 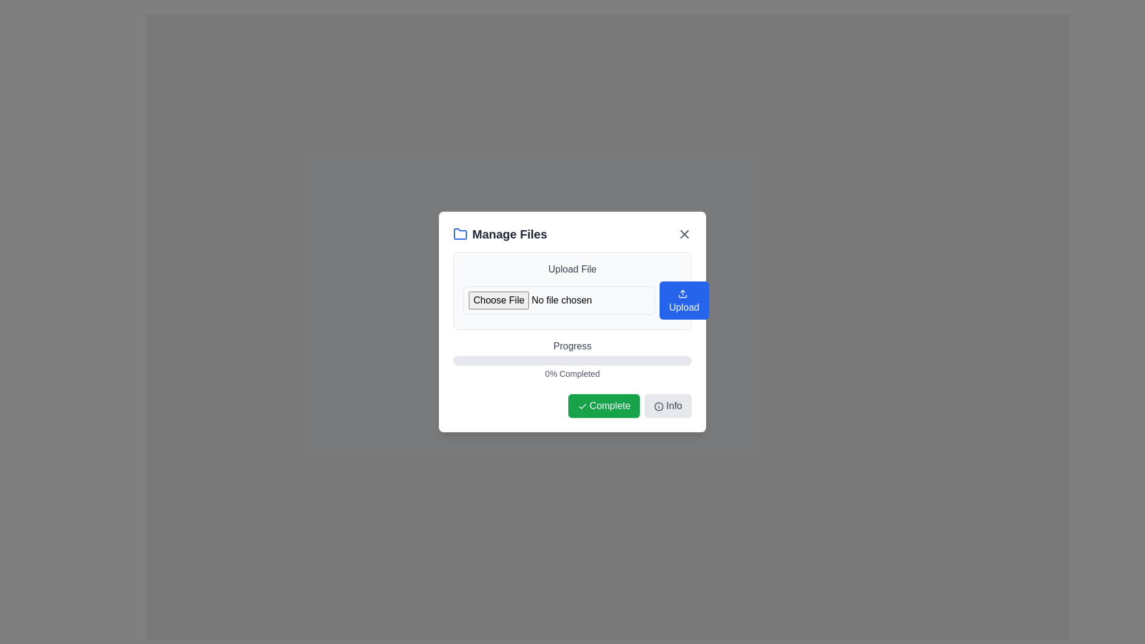 I want to click on the SVG Circle element that is part of the information icon located near the bottom-right corner of the 'Manage Files' dialog box, adjacent to the green 'Complete' button, so click(x=658, y=405).